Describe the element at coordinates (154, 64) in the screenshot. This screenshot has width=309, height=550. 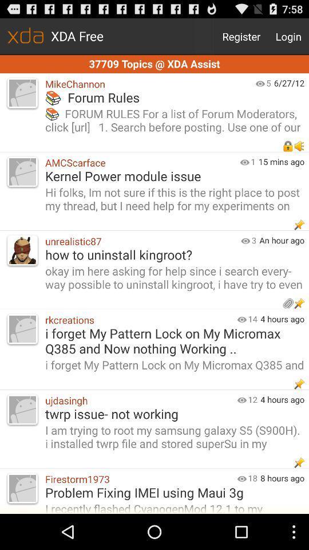
I see `item below the register icon` at that location.